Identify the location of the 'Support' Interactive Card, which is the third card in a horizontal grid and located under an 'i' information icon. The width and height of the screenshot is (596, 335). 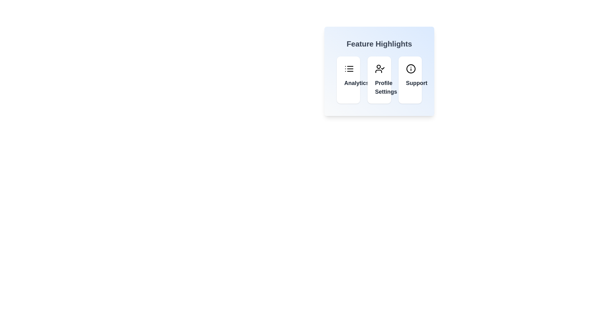
(410, 80).